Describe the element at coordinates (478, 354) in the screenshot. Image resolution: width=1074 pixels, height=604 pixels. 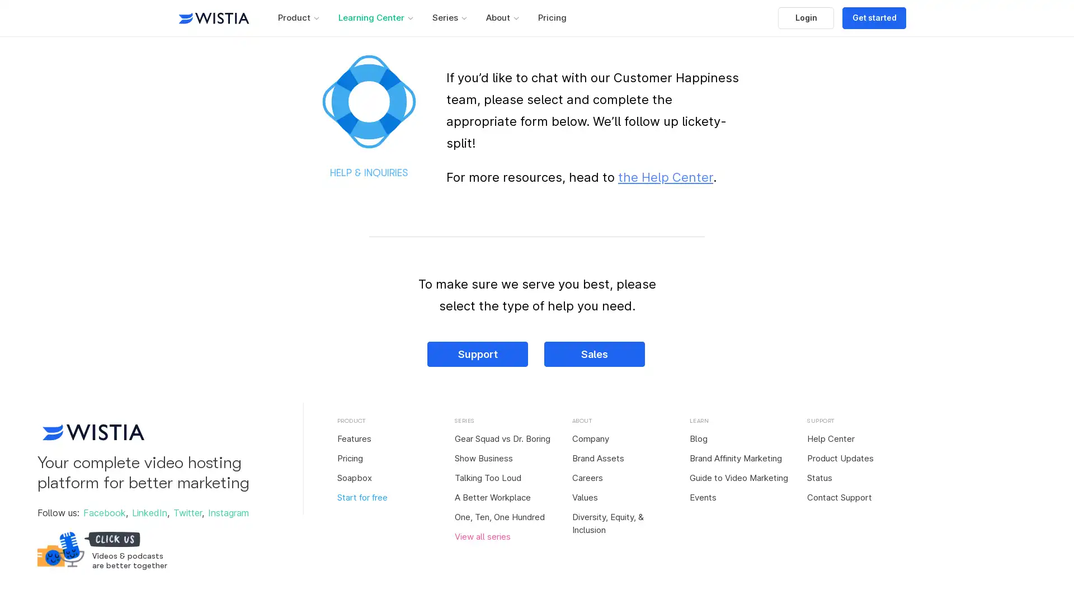
I see `Support` at that location.